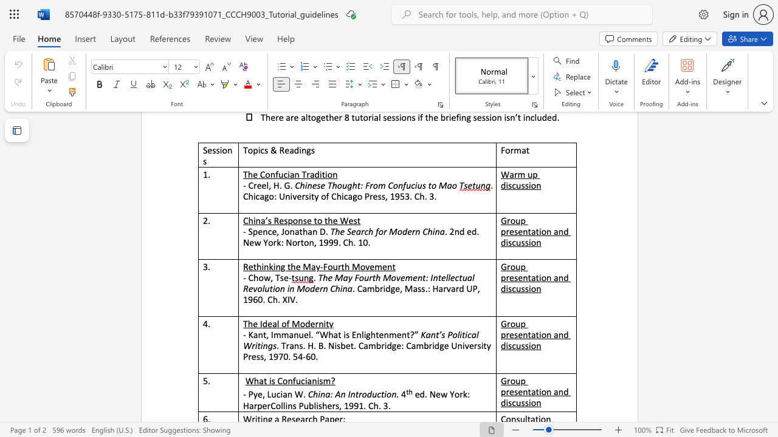 Image resolution: width=778 pixels, height=437 pixels. I want to click on the subset text "- C" within the text "- Chow, Tse-", so click(243, 277).